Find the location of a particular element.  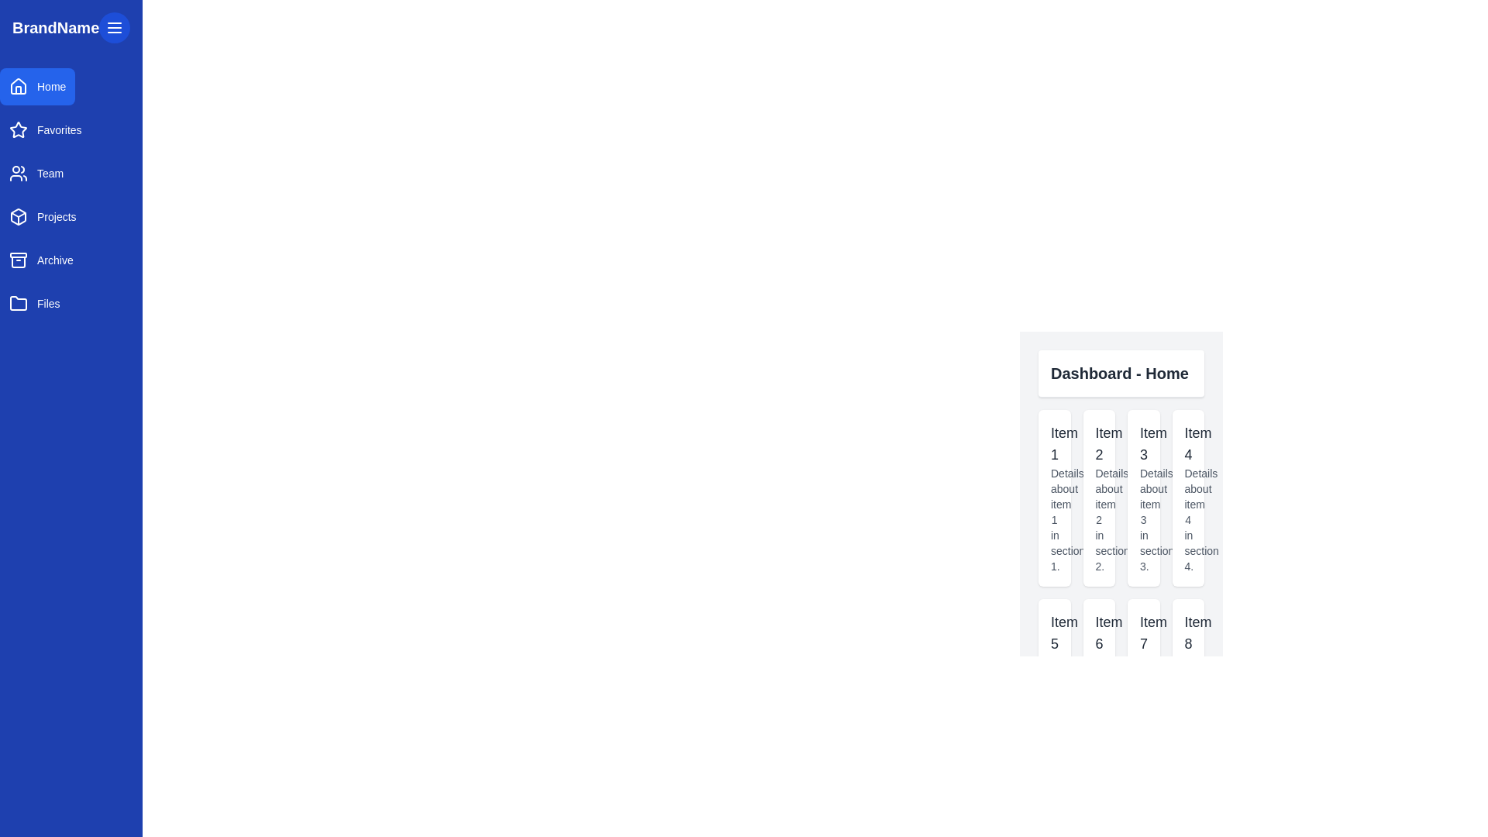

the 'Projects' icon in the vertical sidebar menu, which is positioned below the 'Team' section and above the 'Archive' section is located at coordinates (19, 217).